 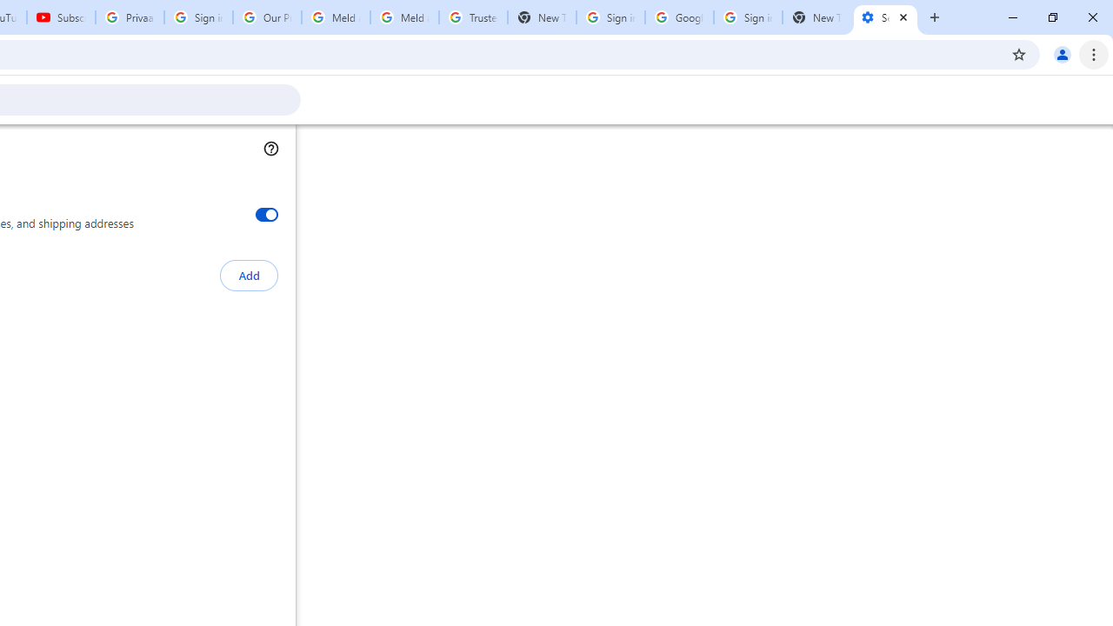 What do you see at coordinates (816, 17) in the screenshot?
I see `'New Tab'` at bounding box center [816, 17].